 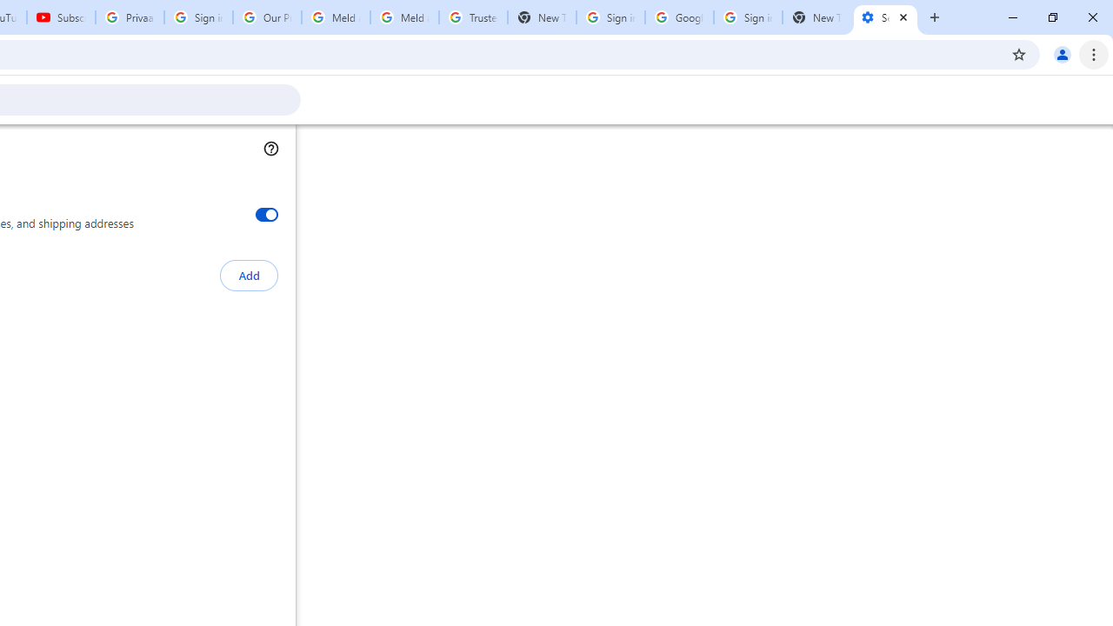 What do you see at coordinates (816, 17) in the screenshot?
I see `'New Tab'` at bounding box center [816, 17].